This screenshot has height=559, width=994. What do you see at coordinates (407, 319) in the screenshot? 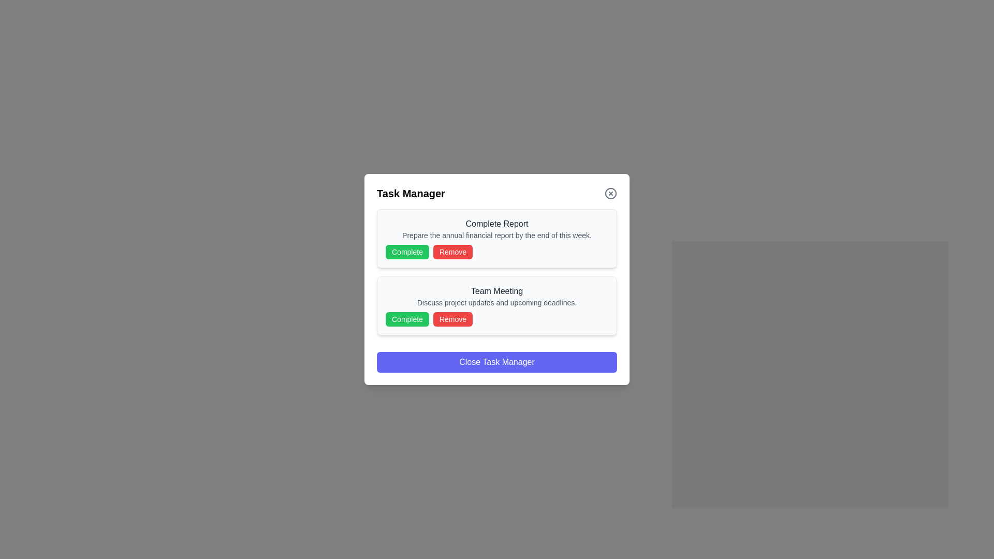
I see `the green 'Complete' button with rounded corners located in the second task card labeled 'Team Meeting' to mark the task as complete` at bounding box center [407, 319].